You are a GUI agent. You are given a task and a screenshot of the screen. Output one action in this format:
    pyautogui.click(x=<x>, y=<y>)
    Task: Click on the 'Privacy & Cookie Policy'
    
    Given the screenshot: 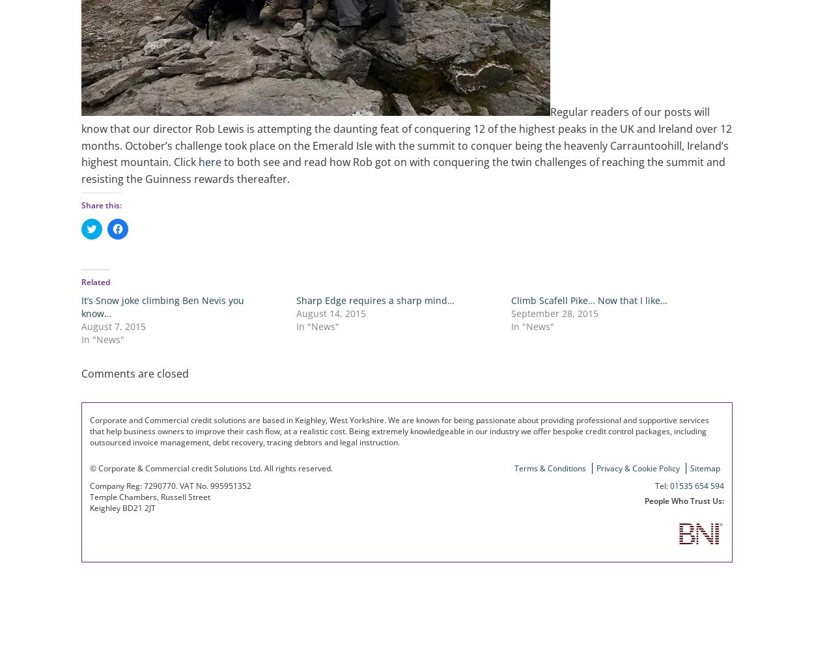 What is the action you would take?
    pyautogui.click(x=637, y=467)
    